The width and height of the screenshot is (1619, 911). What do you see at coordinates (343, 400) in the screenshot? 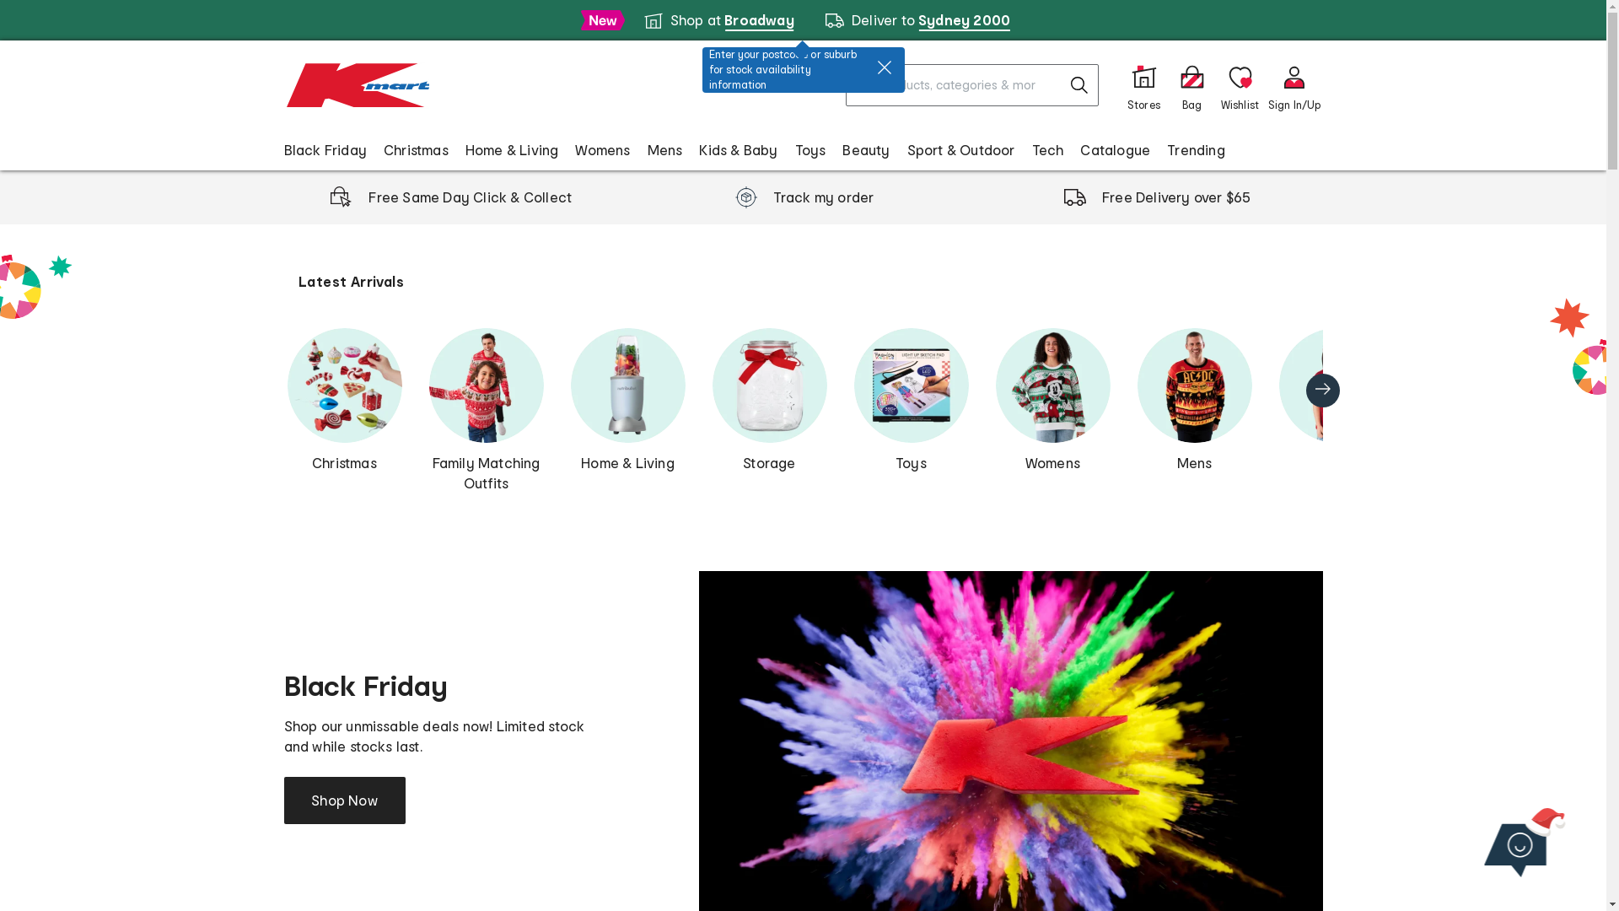
I see `'Christmas'` at bounding box center [343, 400].